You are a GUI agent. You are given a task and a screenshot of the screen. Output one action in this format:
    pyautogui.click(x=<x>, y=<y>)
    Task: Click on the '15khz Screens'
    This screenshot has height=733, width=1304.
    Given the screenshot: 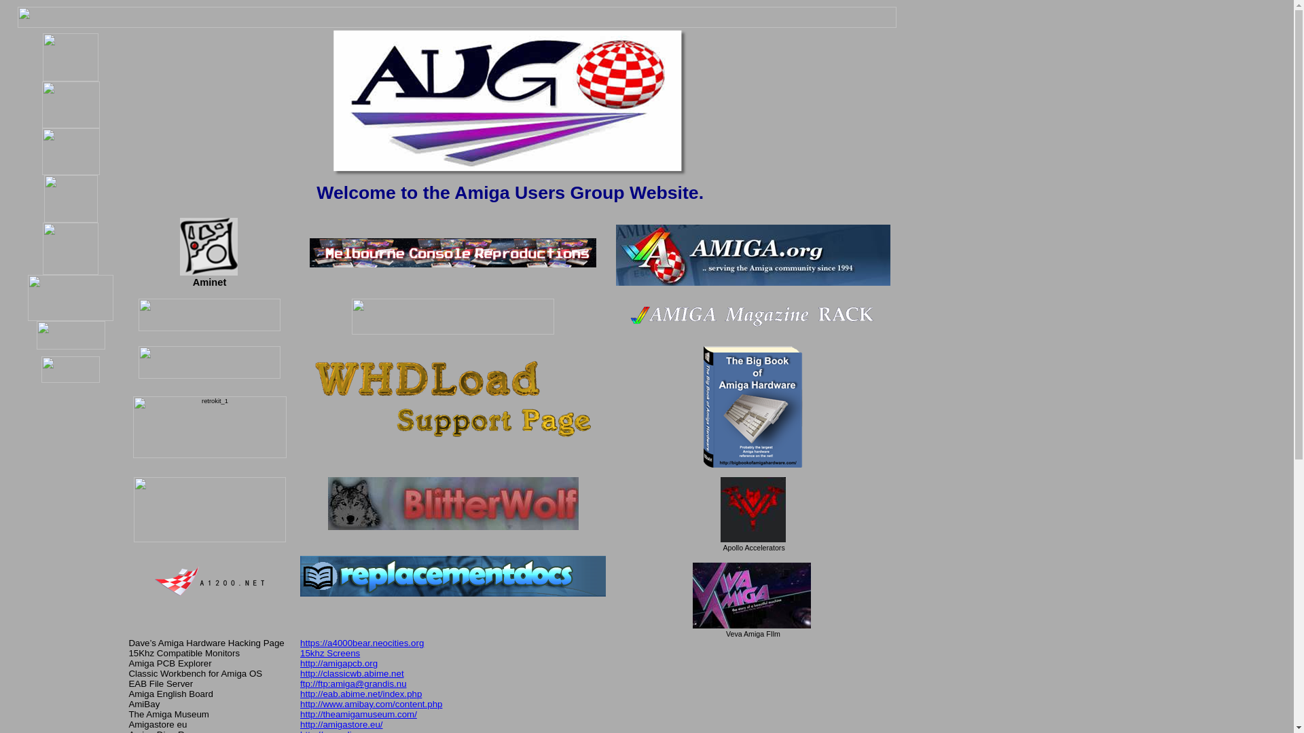 What is the action you would take?
    pyautogui.click(x=329, y=652)
    